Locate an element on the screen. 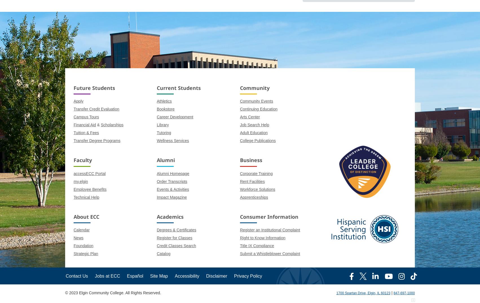 The height and width of the screenshot is (303, 480). 'Impact Magazine' is located at coordinates (171, 196).